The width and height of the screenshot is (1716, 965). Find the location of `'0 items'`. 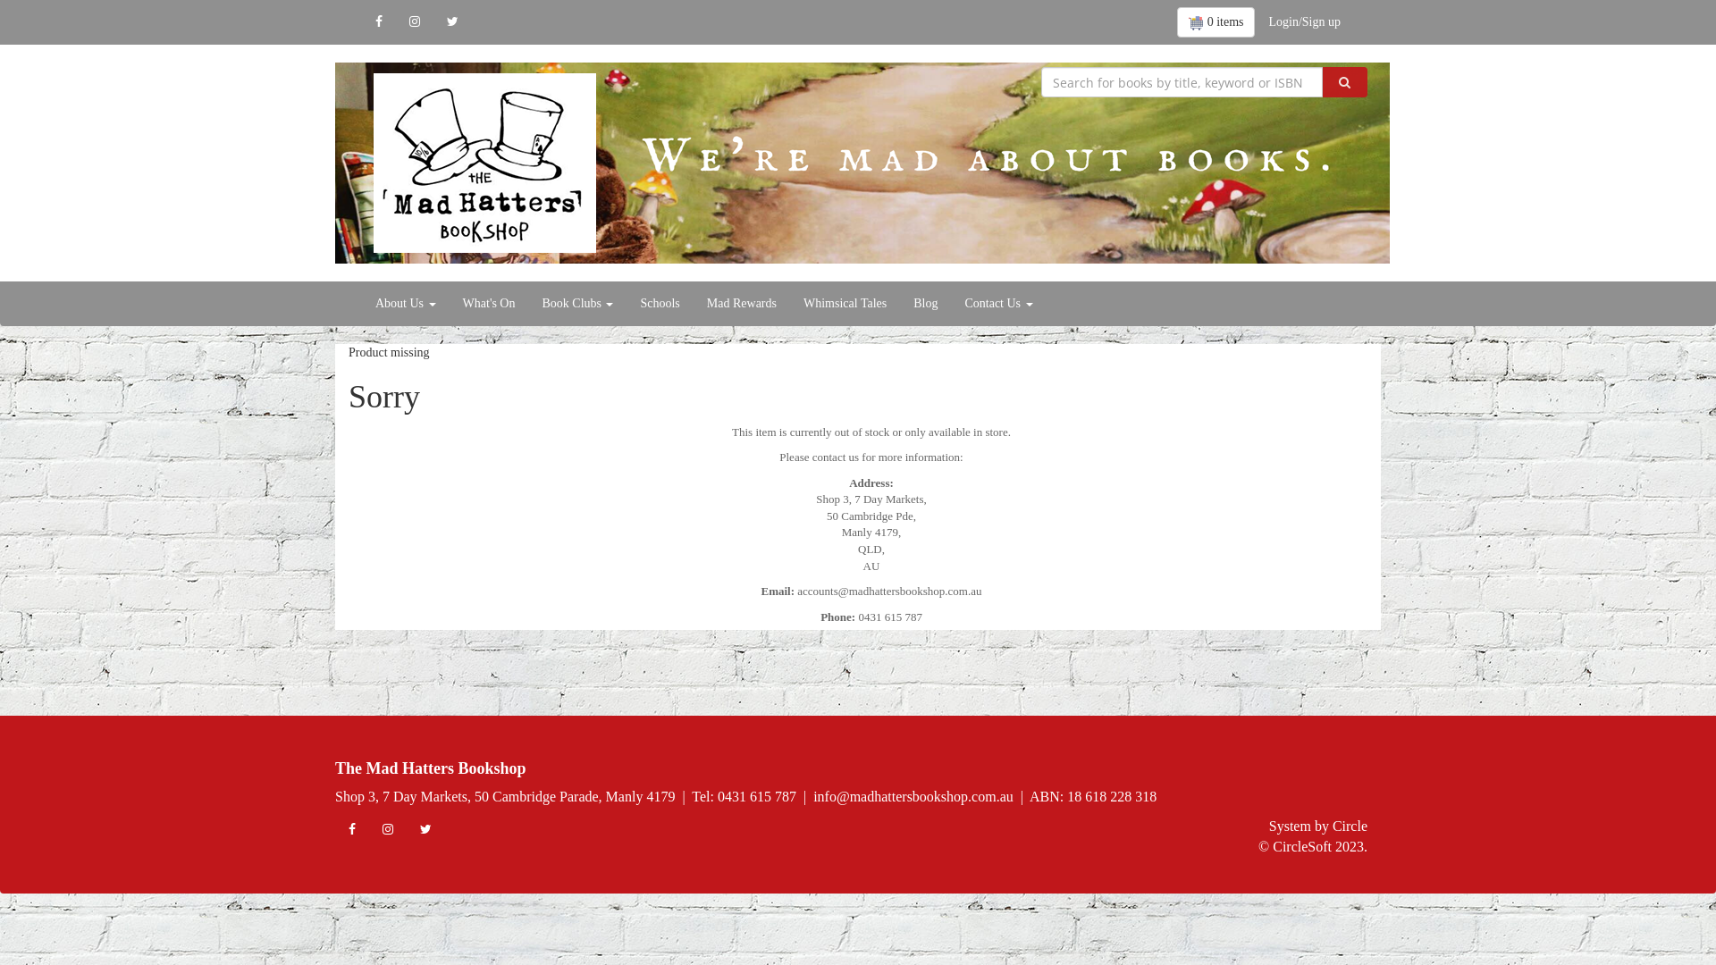

'0 items' is located at coordinates (1215, 21).